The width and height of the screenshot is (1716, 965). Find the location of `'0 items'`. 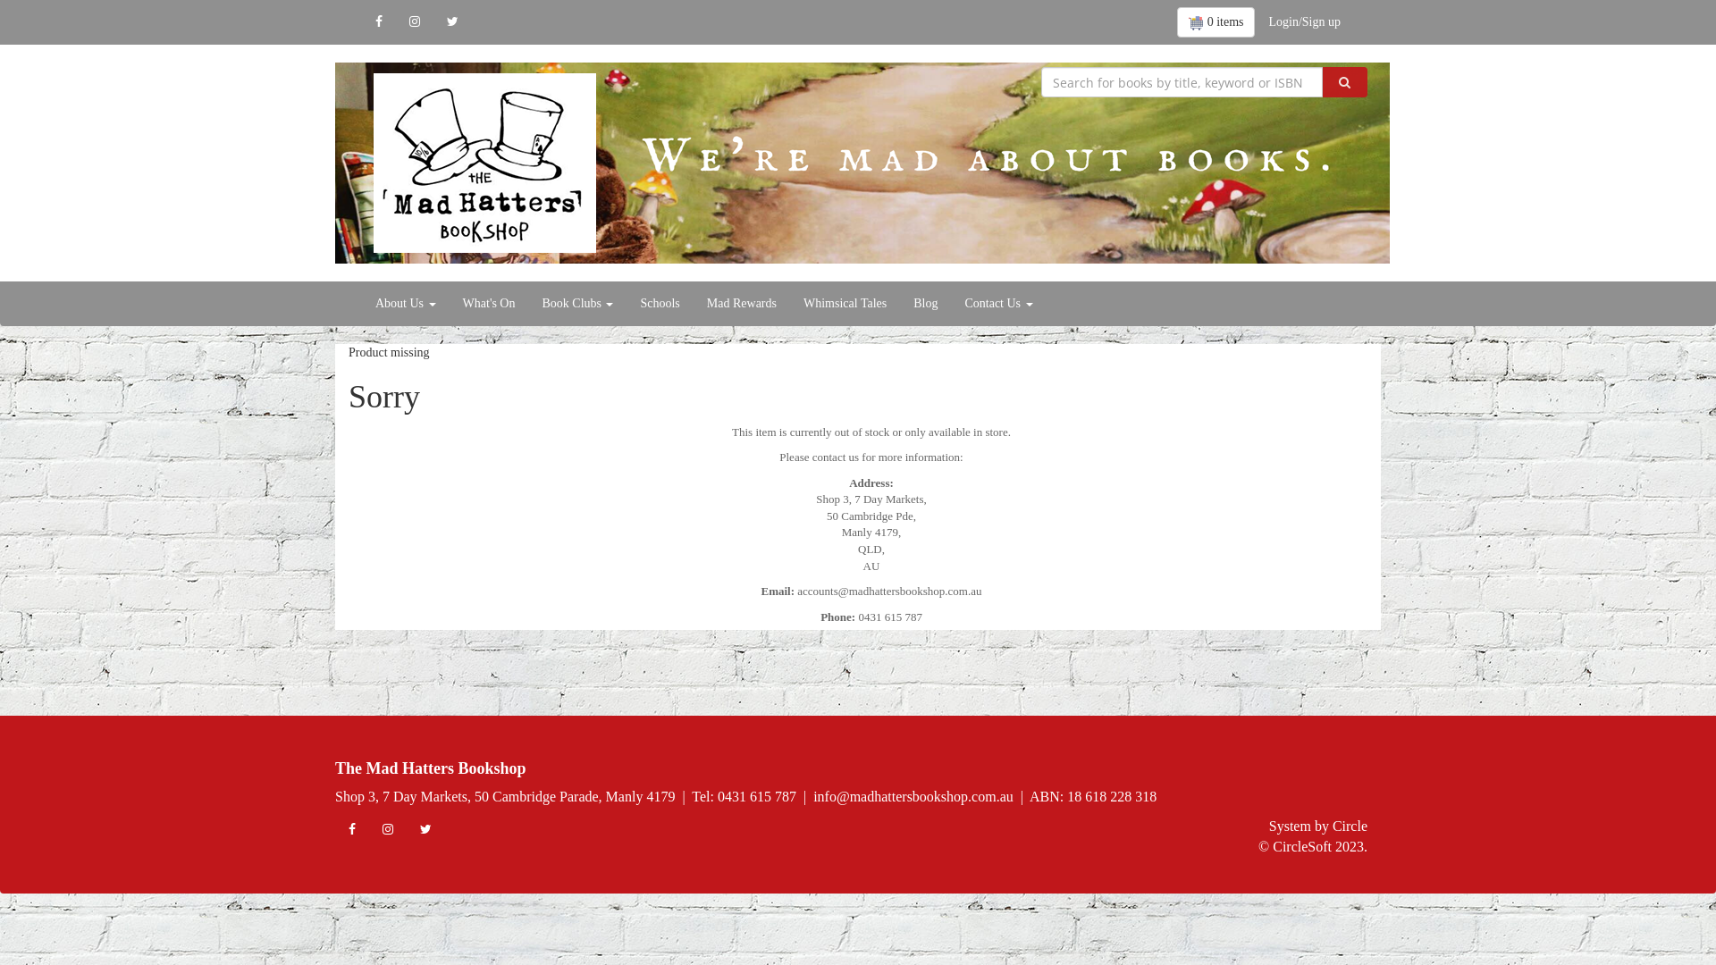

'0 items' is located at coordinates (1215, 21).